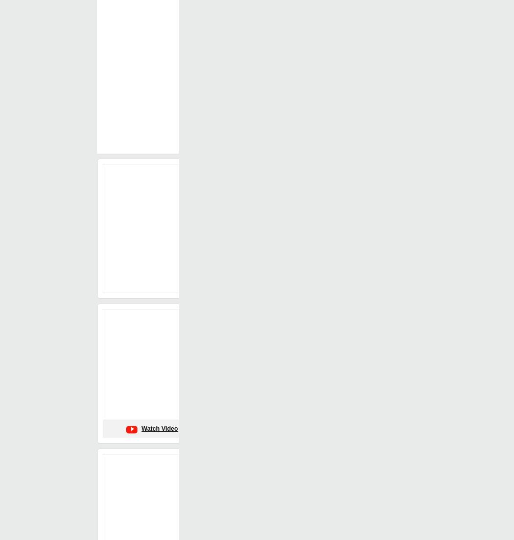 This screenshot has width=514, height=540. I want to click on ':  12 cm', so click(284, 413).